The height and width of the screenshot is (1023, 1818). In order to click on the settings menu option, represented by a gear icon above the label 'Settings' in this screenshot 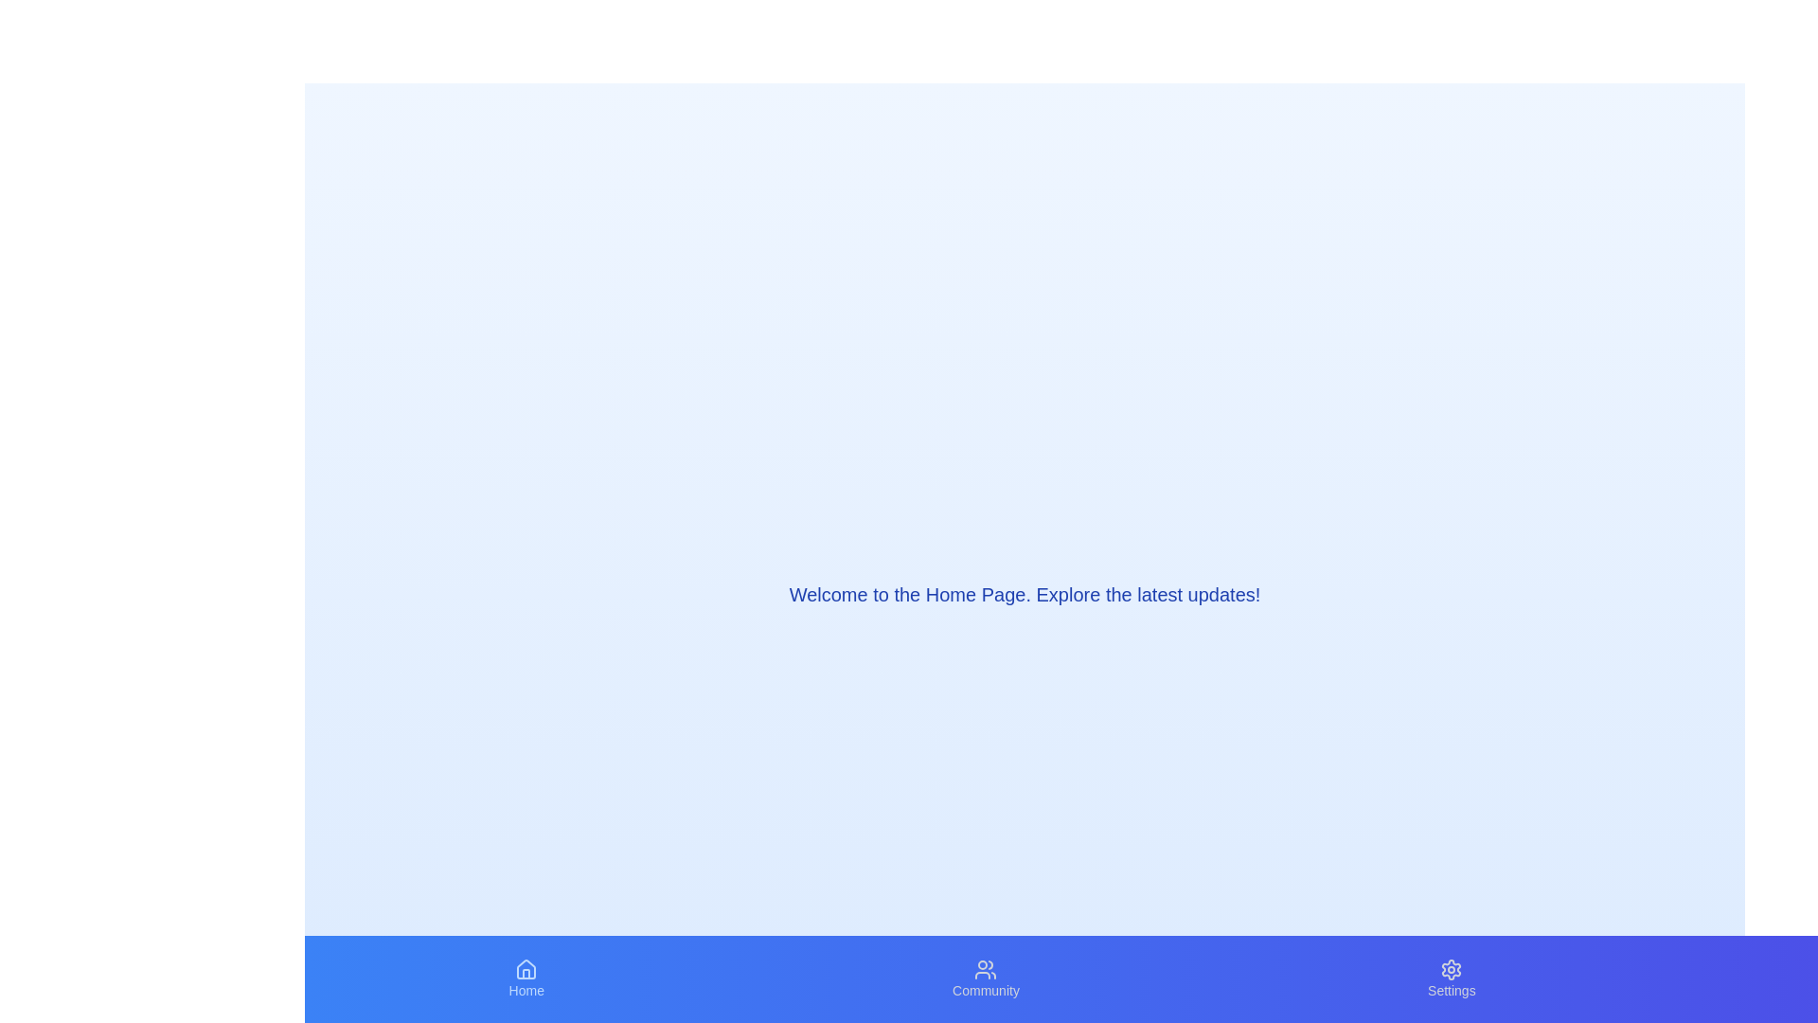, I will do `click(1451, 978)`.